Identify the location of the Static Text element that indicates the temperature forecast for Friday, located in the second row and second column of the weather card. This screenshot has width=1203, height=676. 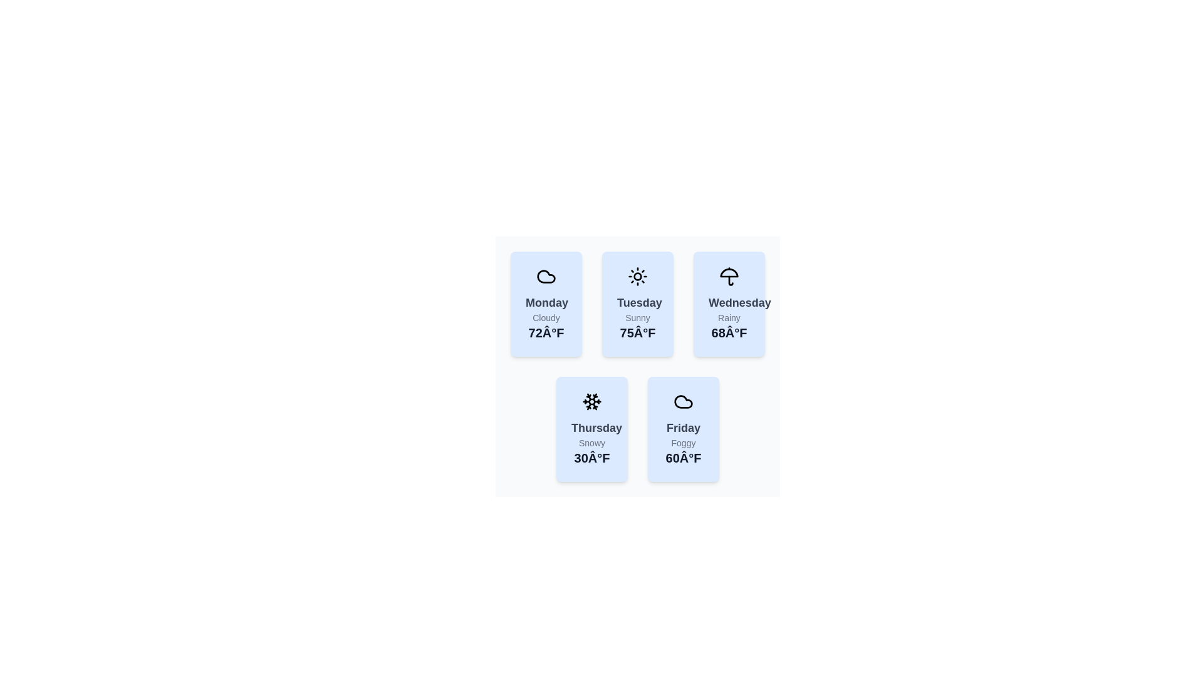
(682, 458).